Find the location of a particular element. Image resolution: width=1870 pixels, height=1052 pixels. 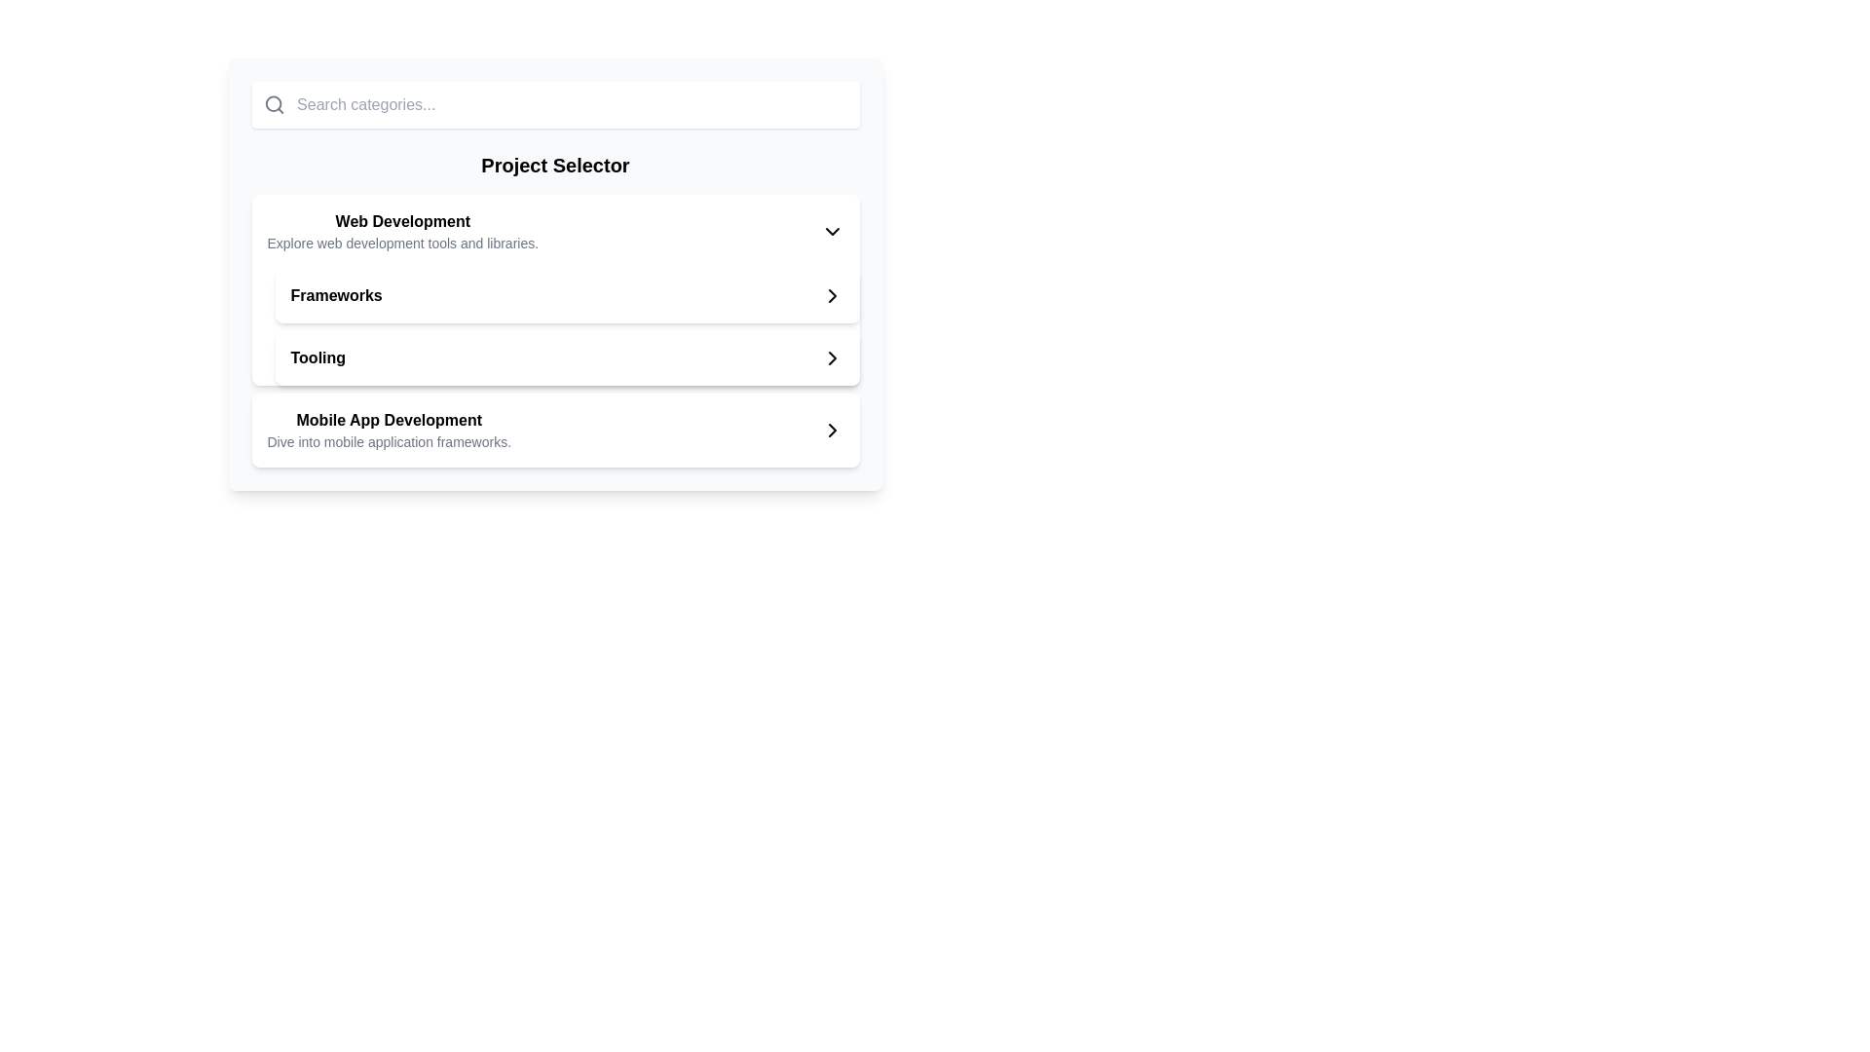

the 'Tooling' text label located is located at coordinates (318, 357).